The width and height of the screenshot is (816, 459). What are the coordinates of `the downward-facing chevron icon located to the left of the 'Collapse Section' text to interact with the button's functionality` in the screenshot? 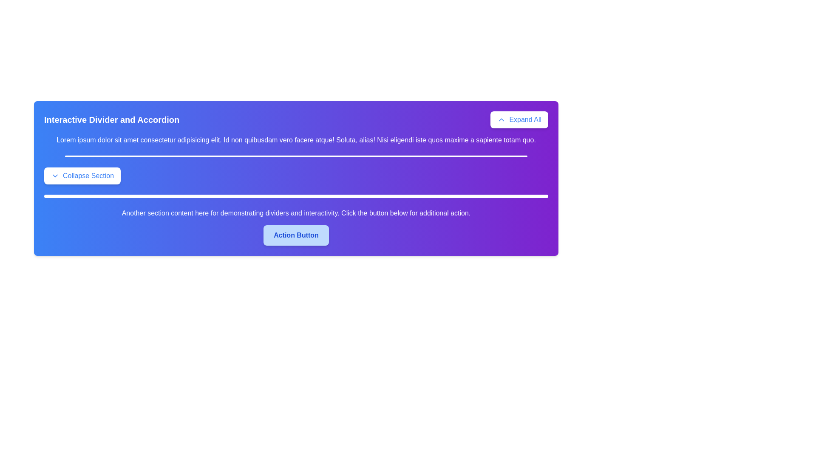 It's located at (54, 175).